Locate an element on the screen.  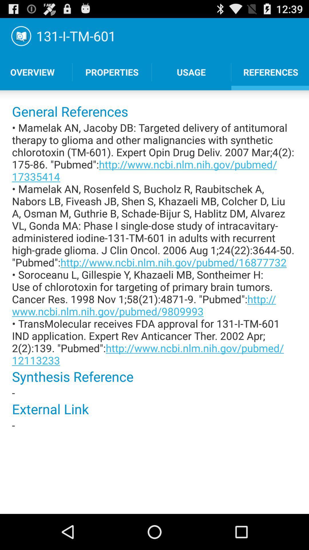
the icon below the external link is located at coordinates (154, 425).